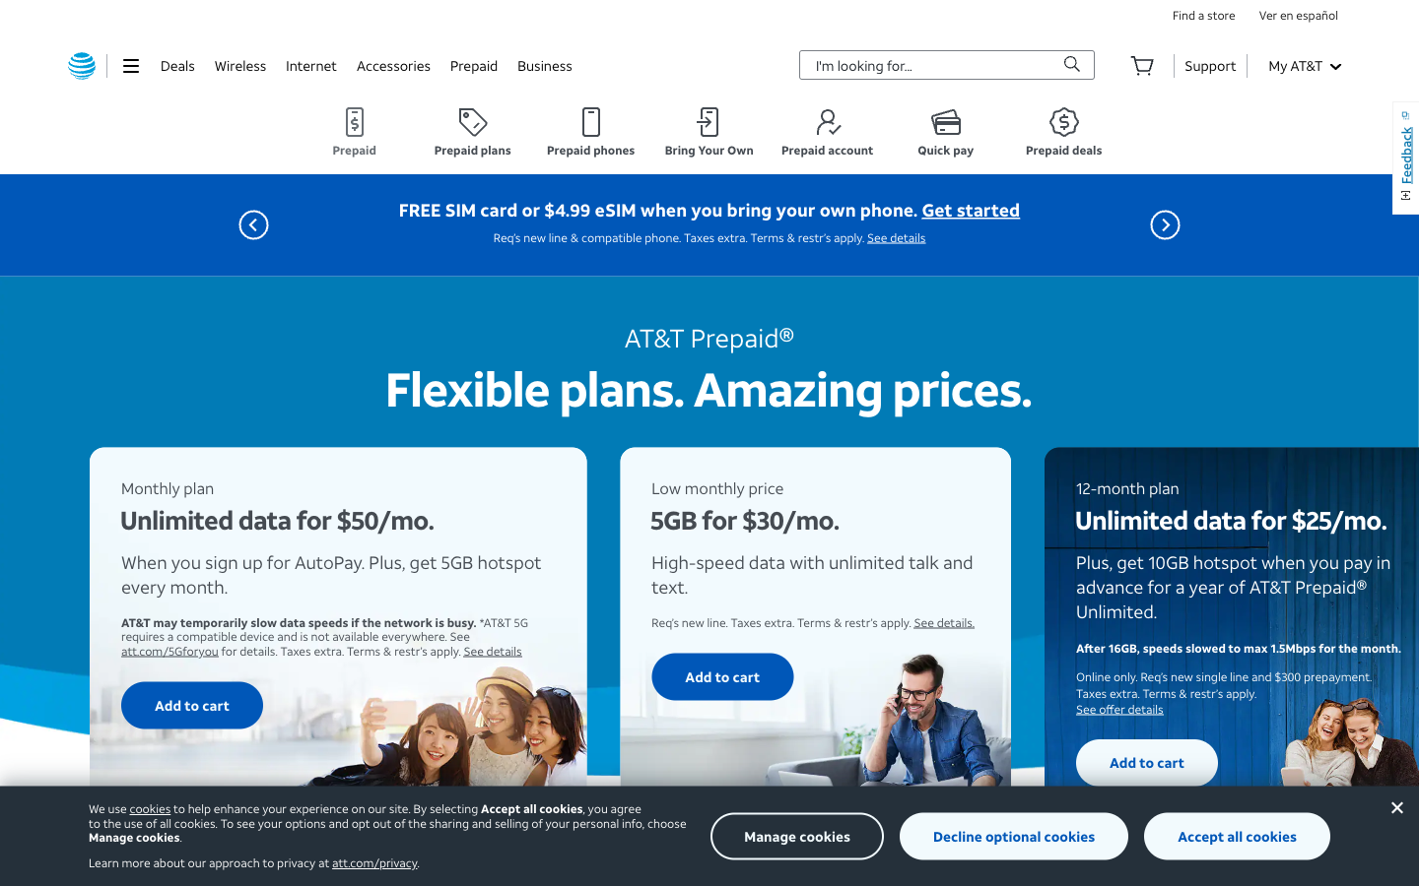  What do you see at coordinates (946, 132) in the screenshot?
I see `the "Quick Pay" button` at bounding box center [946, 132].